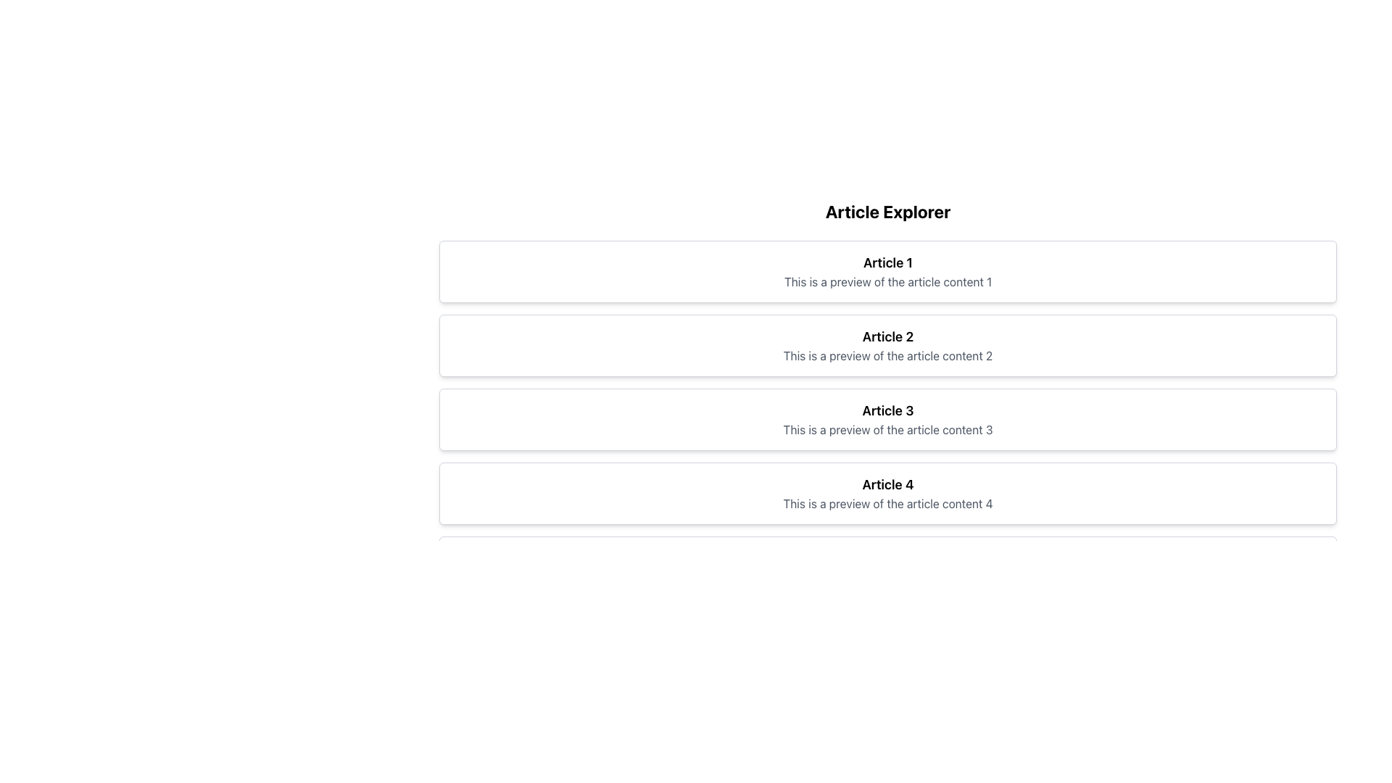 This screenshot has height=783, width=1392. I want to click on the static text displaying 'This is a preview of the article content 1', located beneath the bolded title 'Article 1' in the top-left area of the main content section, so click(887, 282).